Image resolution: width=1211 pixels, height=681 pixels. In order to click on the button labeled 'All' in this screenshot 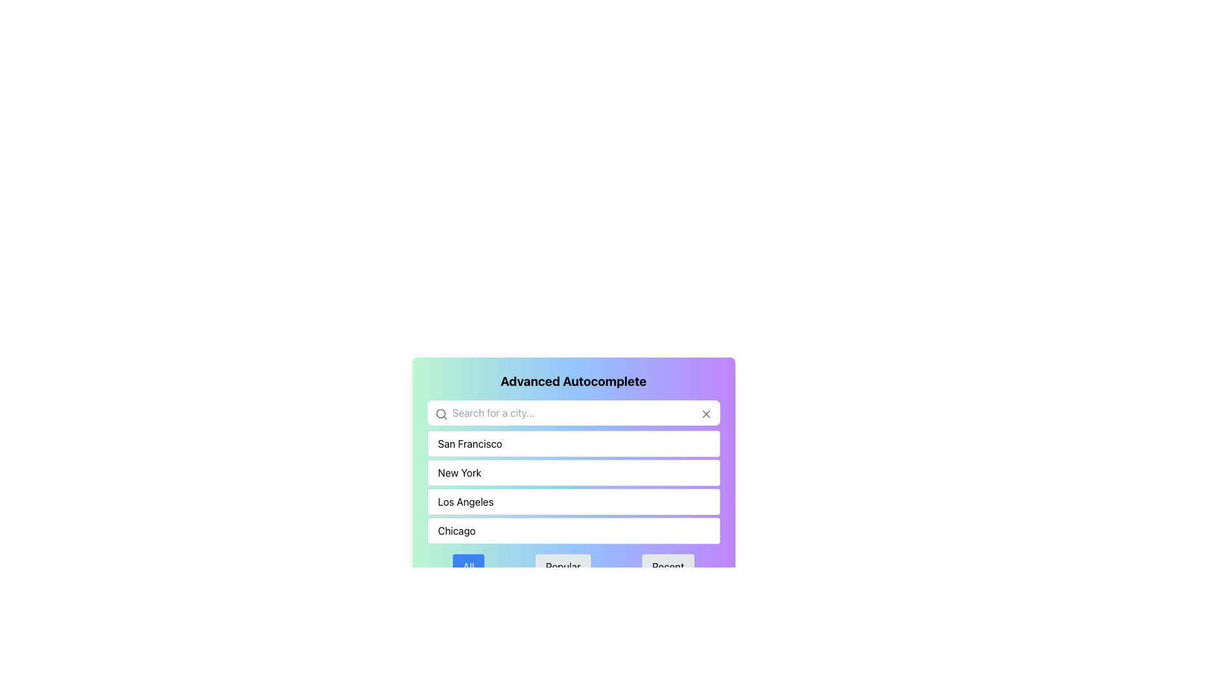, I will do `click(468, 566)`.